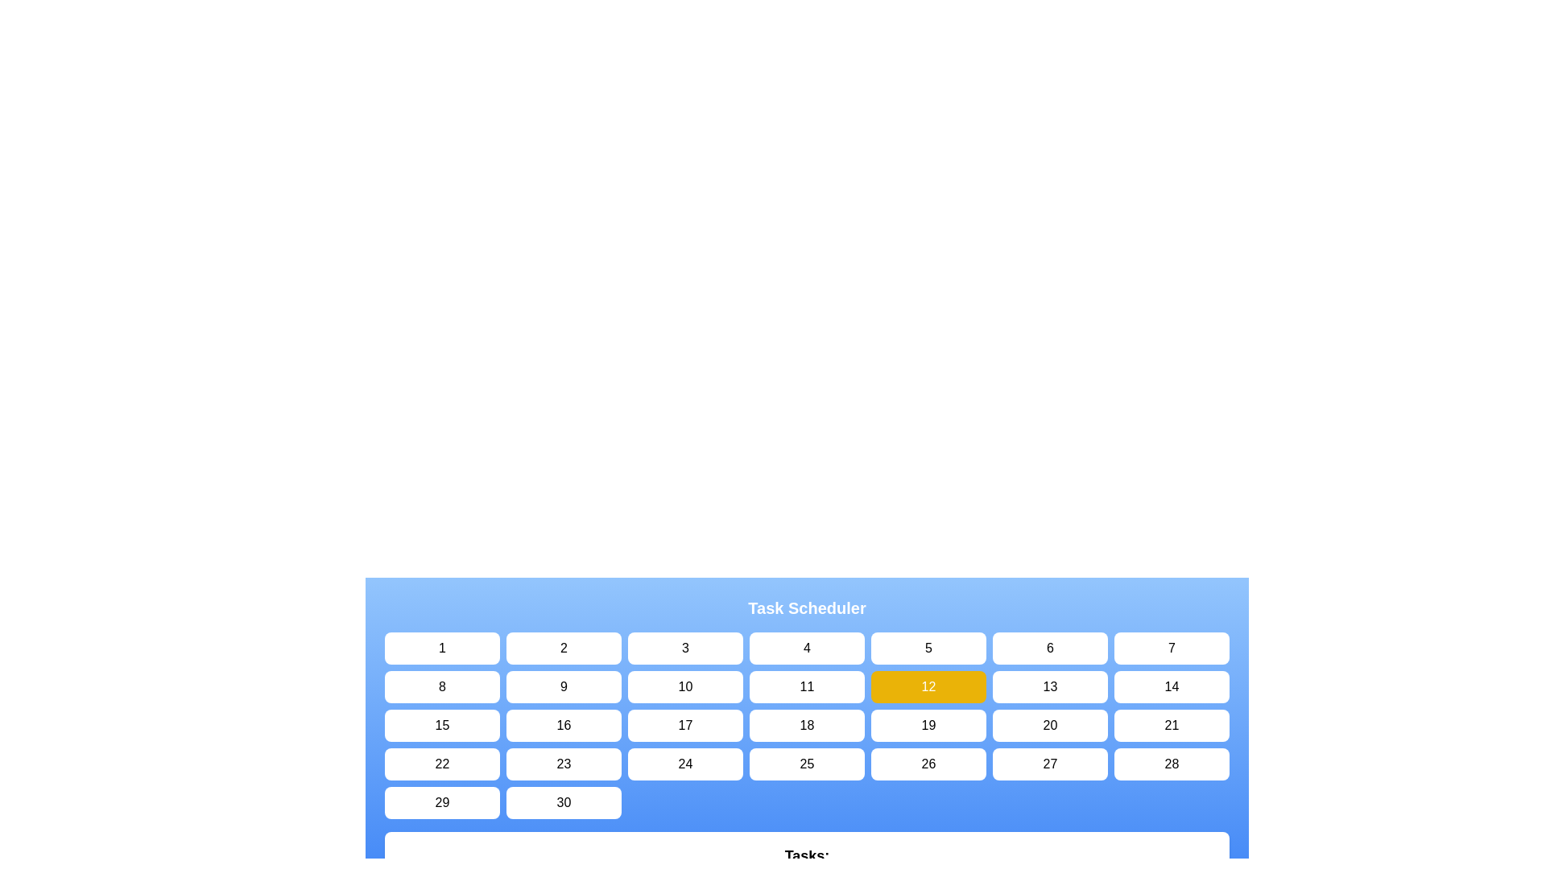  I want to click on the button that allows the user to select the number '22', so click(442, 763).